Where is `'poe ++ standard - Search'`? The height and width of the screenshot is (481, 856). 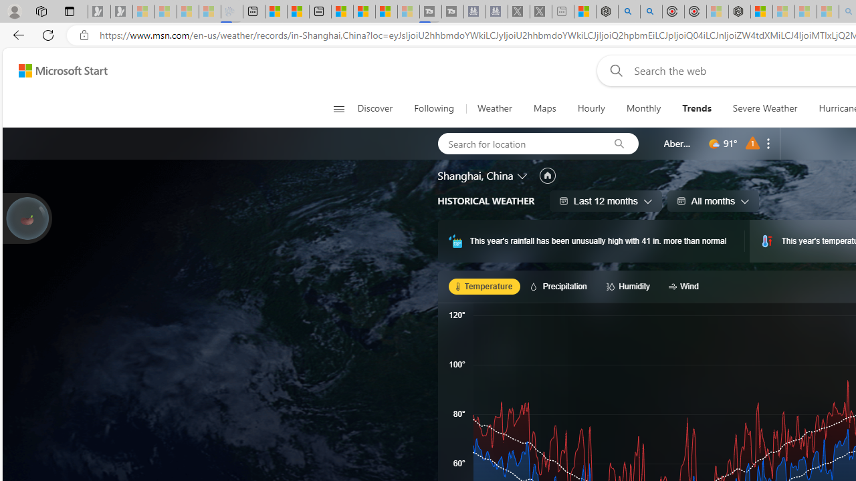
'poe ++ standard - Search' is located at coordinates (651, 11).